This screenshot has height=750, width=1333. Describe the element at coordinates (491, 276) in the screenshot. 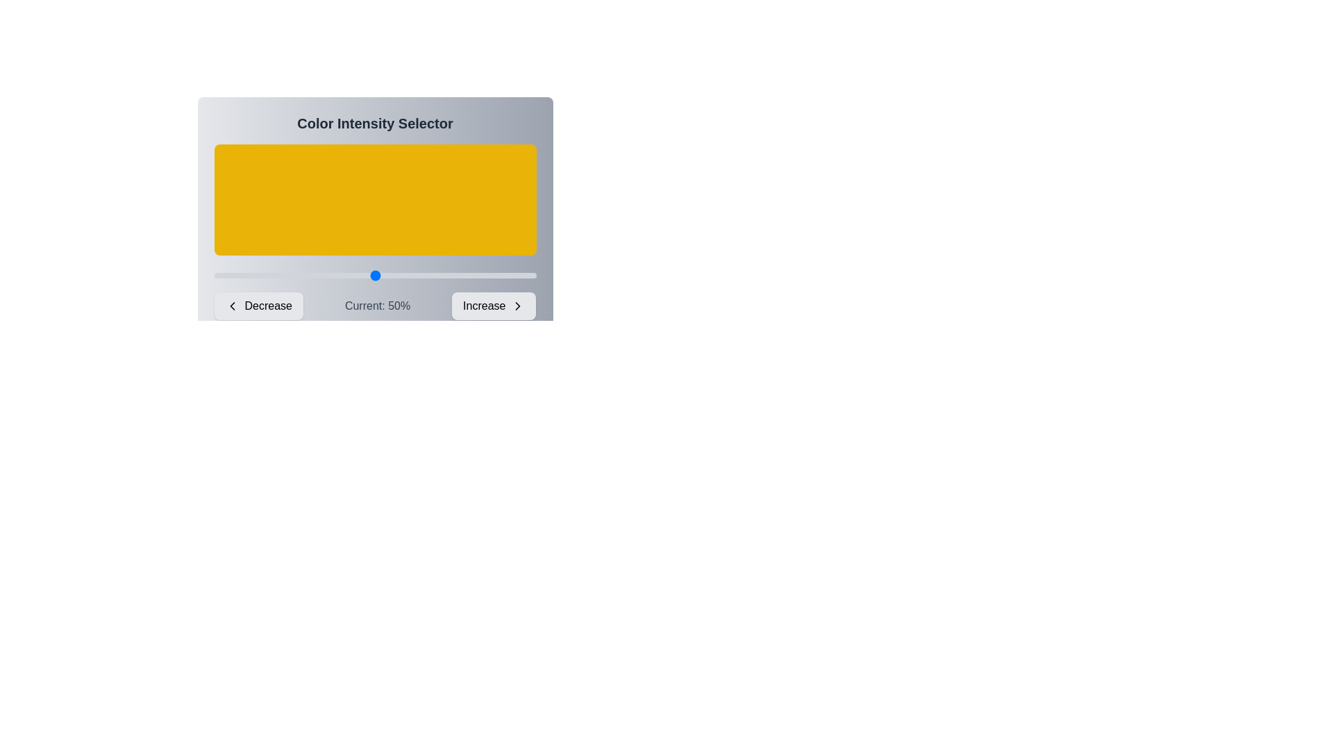

I see `color intensity` at that location.